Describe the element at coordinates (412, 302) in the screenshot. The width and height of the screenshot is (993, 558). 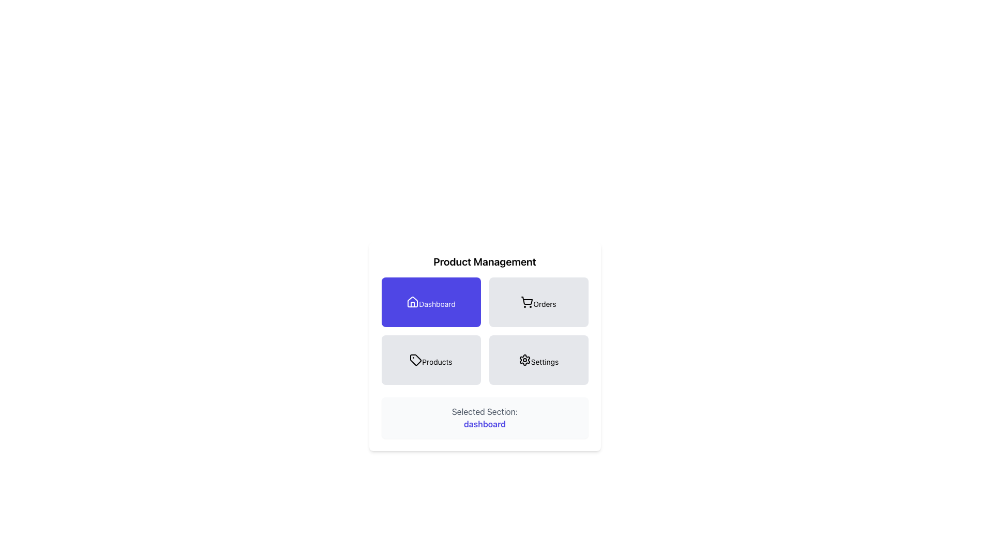
I see `the 'Dashboard' icon which is centrally positioned at the top-left of the purple 'Dashboard' button, located among four buttons` at that location.